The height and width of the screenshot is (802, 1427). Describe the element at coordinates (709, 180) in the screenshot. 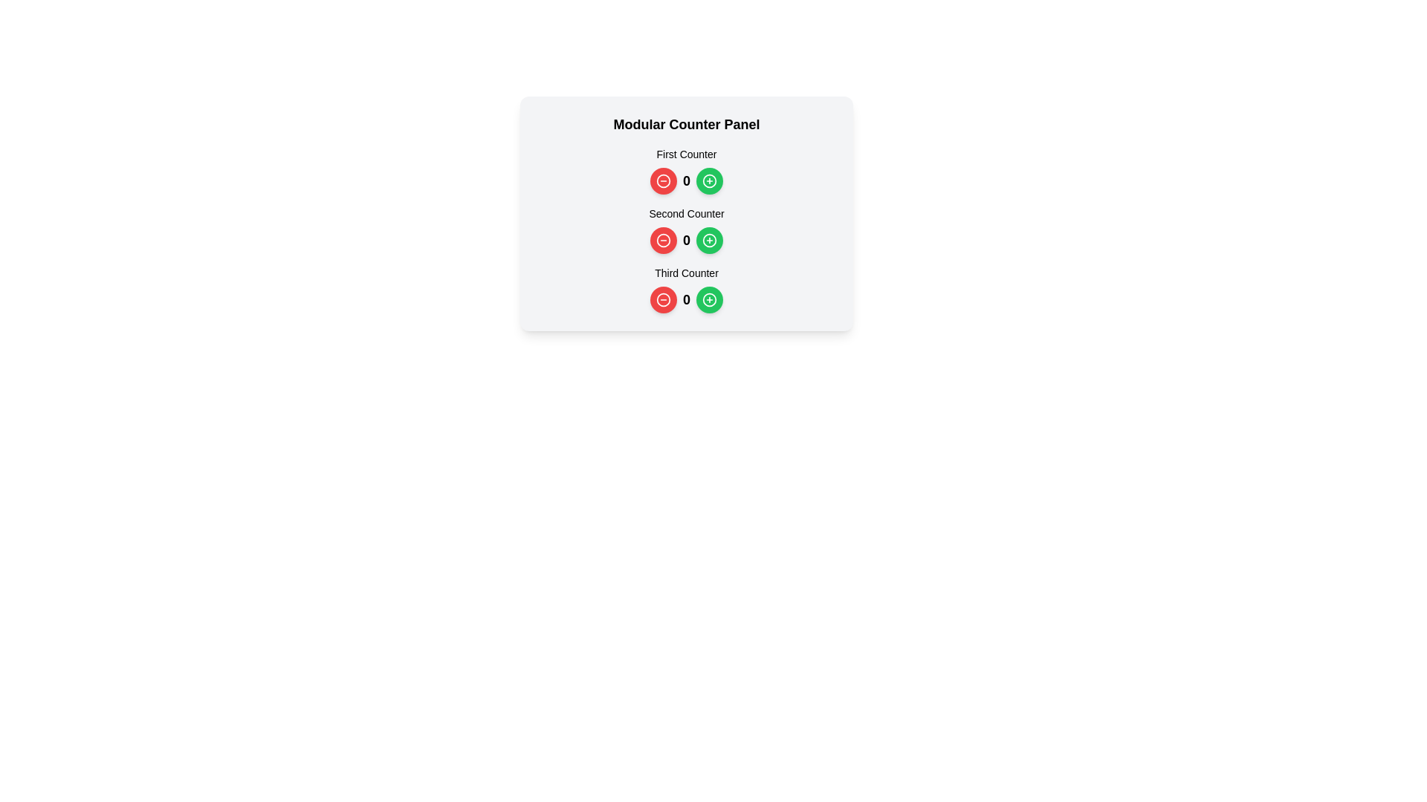

I see `the SVG circle element that is part of the '+' icon labeled 'First Counter' to increment the counter` at that location.